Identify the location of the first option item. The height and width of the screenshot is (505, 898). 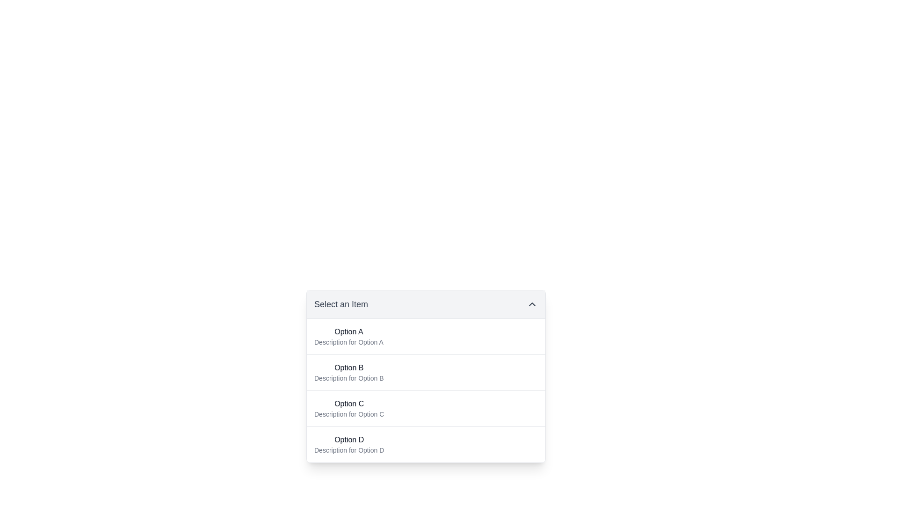
(426, 337).